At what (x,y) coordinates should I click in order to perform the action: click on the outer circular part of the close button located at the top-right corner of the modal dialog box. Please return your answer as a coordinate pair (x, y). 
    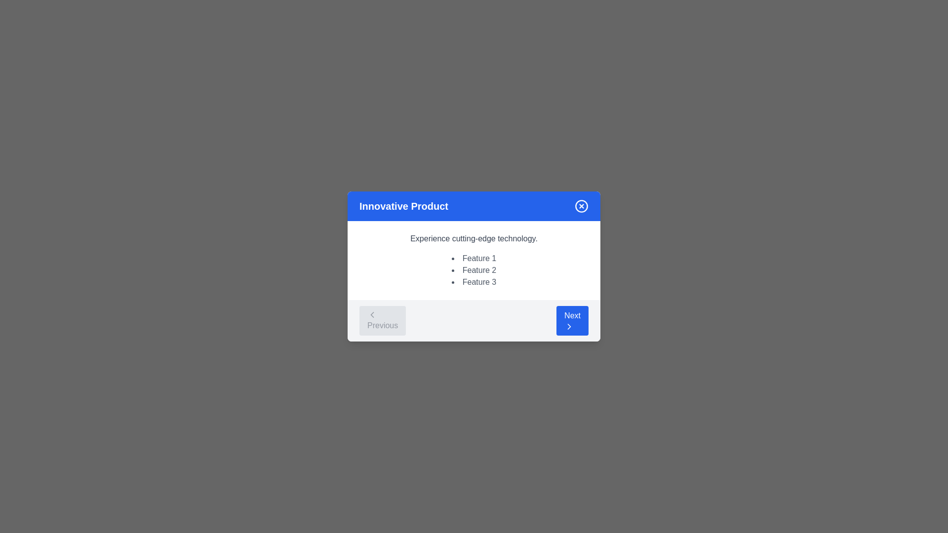
    Looking at the image, I should click on (581, 205).